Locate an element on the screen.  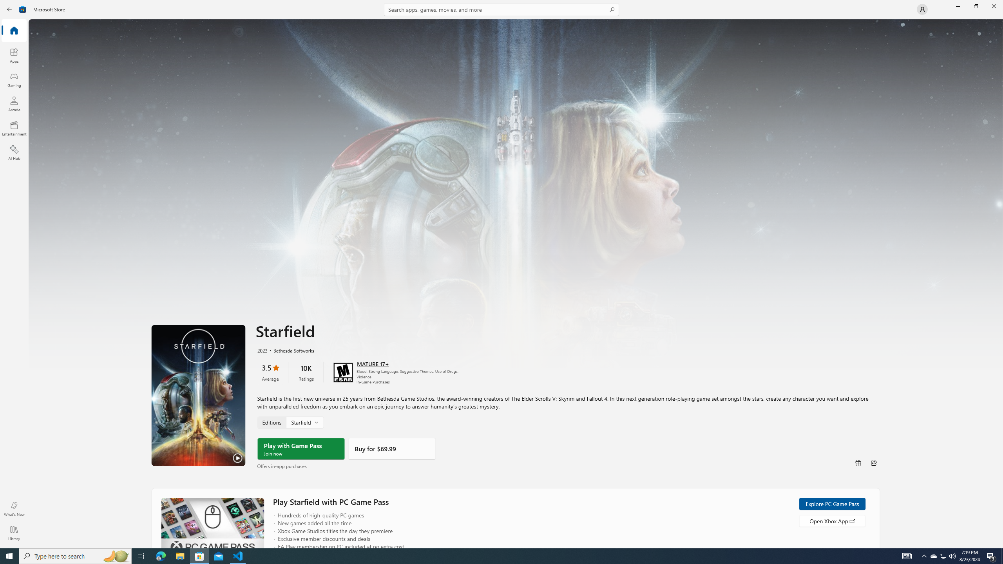
'Search' is located at coordinates (501, 9).